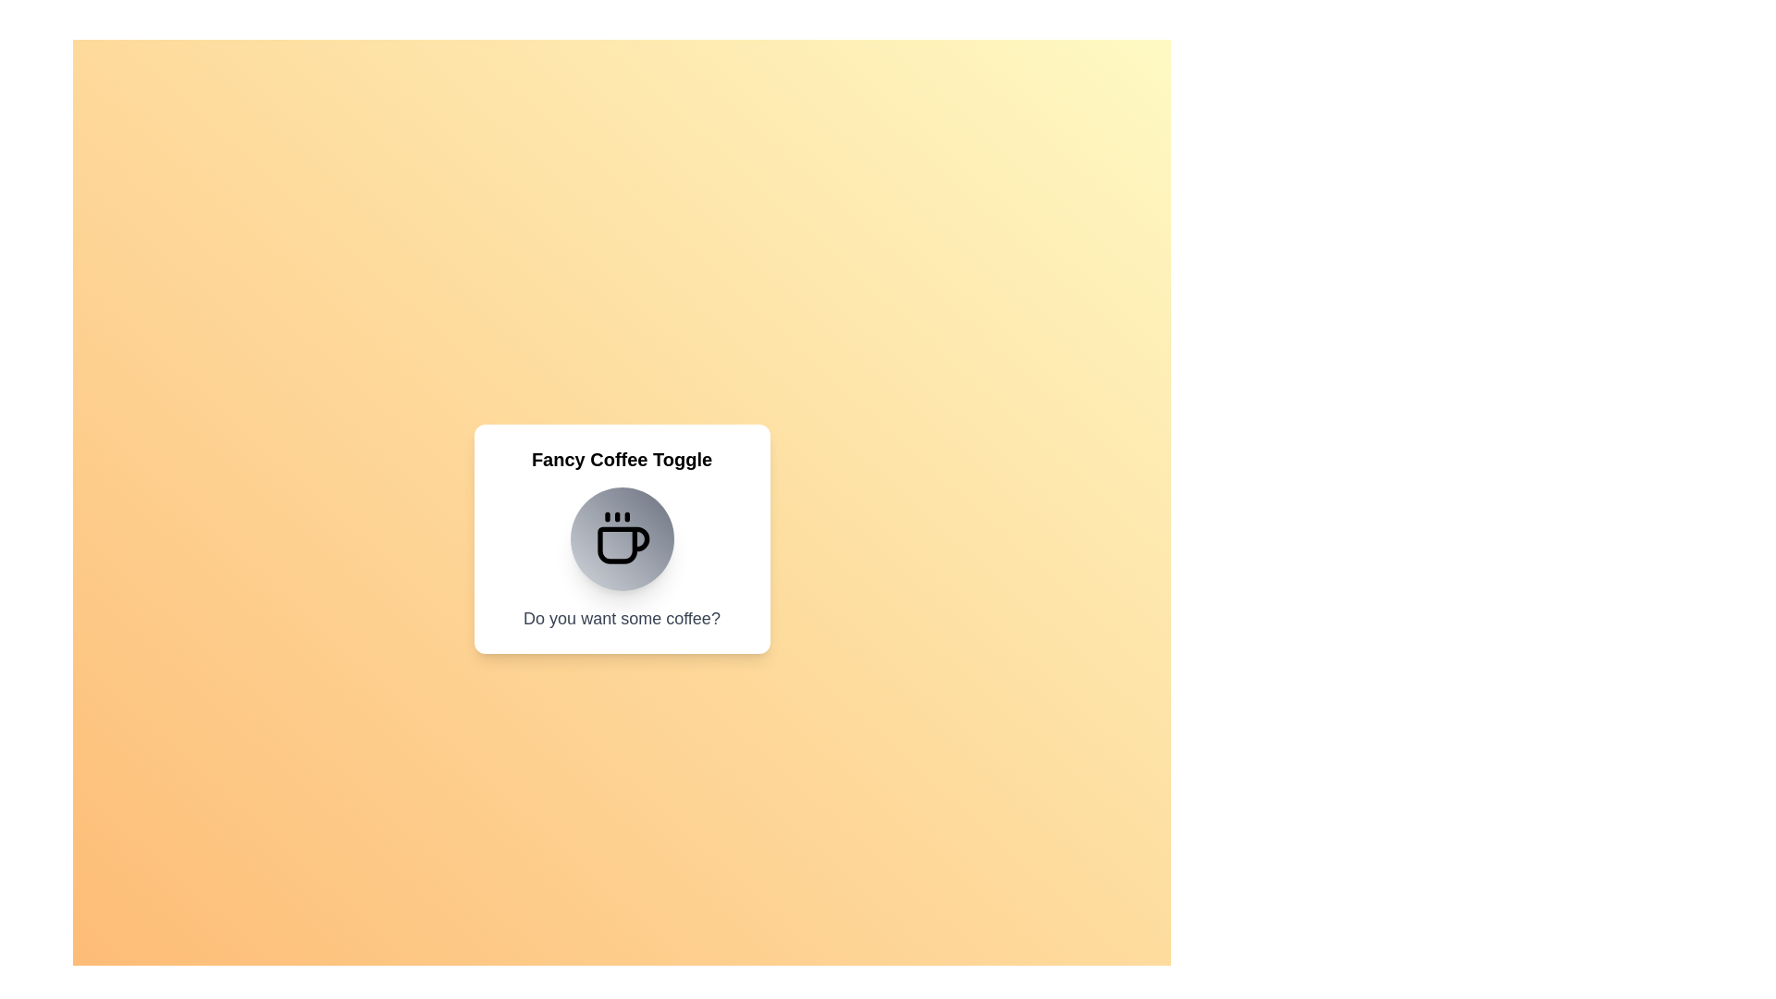 This screenshot has width=1776, height=999. I want to click on the coffee toggle button to change its state, so click(622, 538).